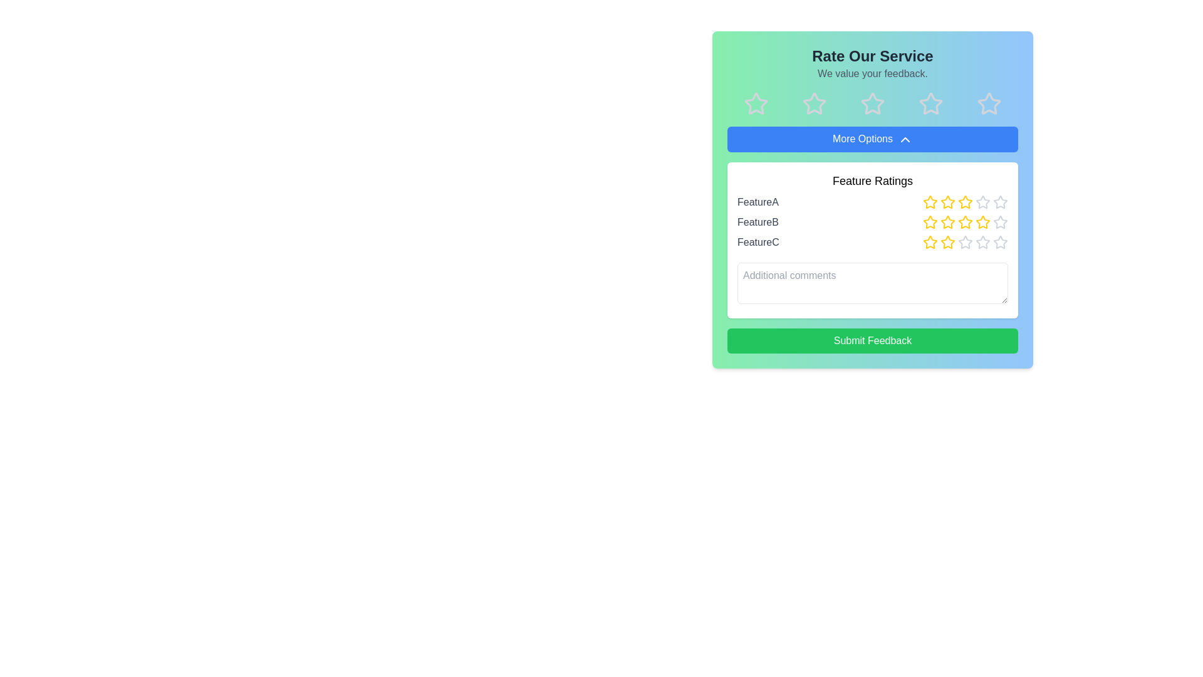 The height and width of the screenshot is (677, 1203). I want to click on the fifth interactive star rating icon with a gray fill and black outline to set a 5-star rating for Feature A in the Feature Ratings section, so click(1000, 201).